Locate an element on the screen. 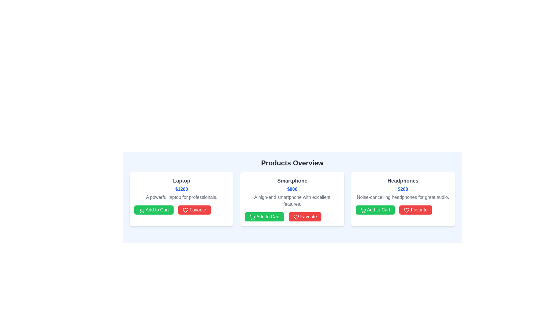 Image resolution: width=550 pixels, height=309 pixels. the 'Favorite' button associated with the 'Laptop' product is located at coordinates (194, 210).